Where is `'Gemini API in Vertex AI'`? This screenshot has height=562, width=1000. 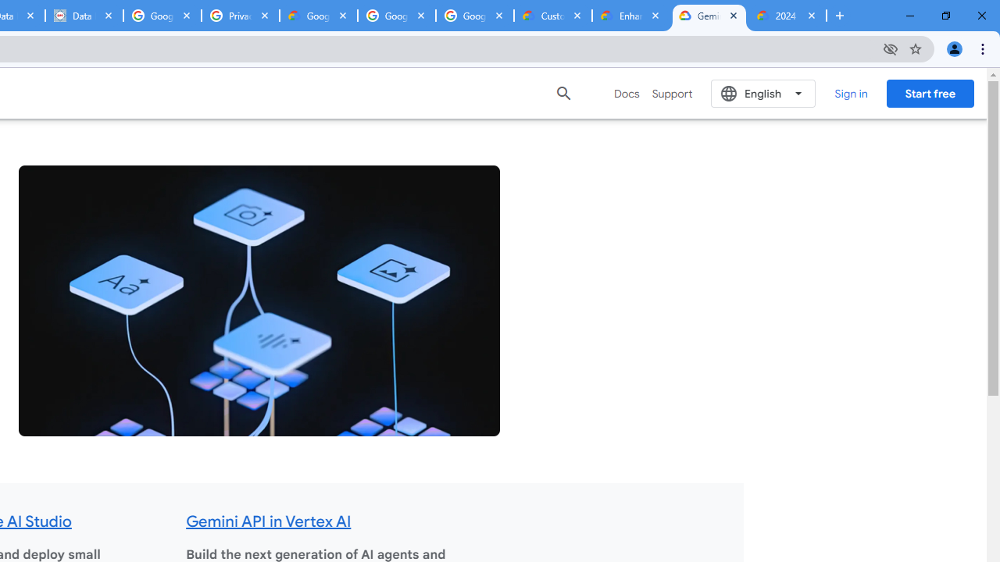 'Gemini API in Vertex AI' is located at coordinates (269, 521).